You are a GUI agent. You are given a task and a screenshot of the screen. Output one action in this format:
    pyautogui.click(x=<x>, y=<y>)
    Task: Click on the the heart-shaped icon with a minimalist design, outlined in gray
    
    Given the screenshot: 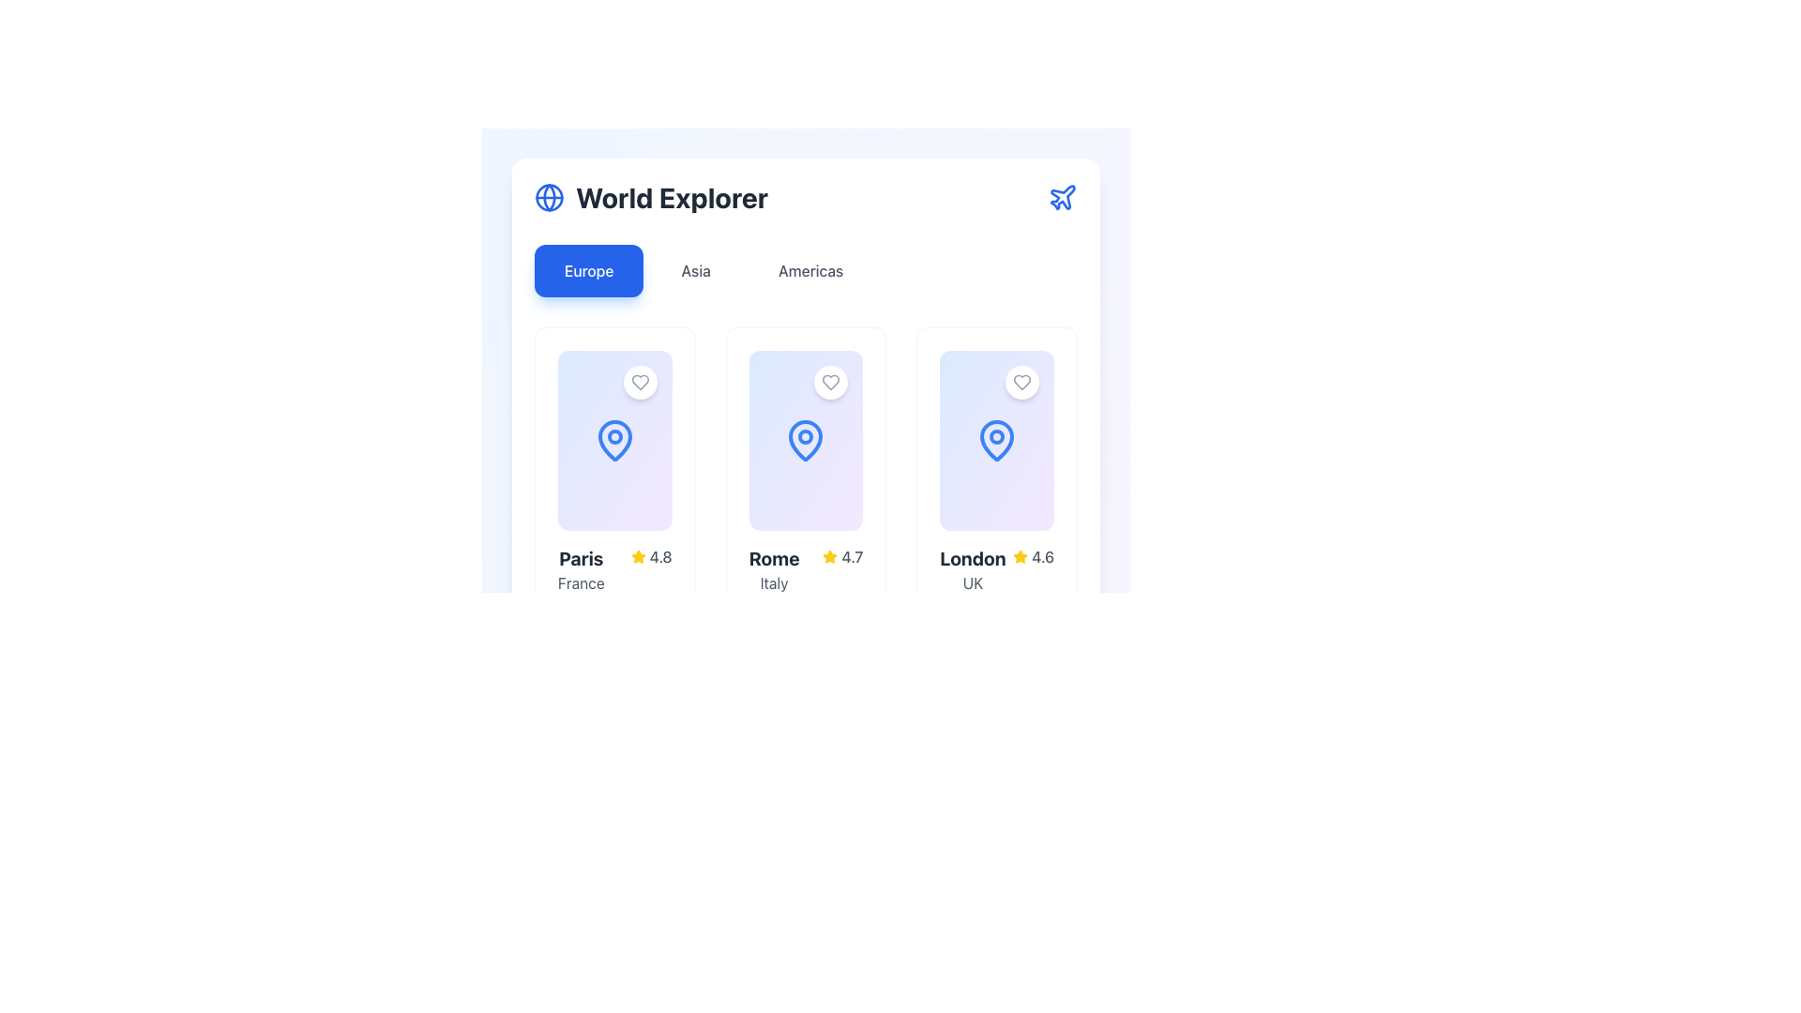 What is the action you would take?
    pyautogui.click(x=1021, y=382)
    